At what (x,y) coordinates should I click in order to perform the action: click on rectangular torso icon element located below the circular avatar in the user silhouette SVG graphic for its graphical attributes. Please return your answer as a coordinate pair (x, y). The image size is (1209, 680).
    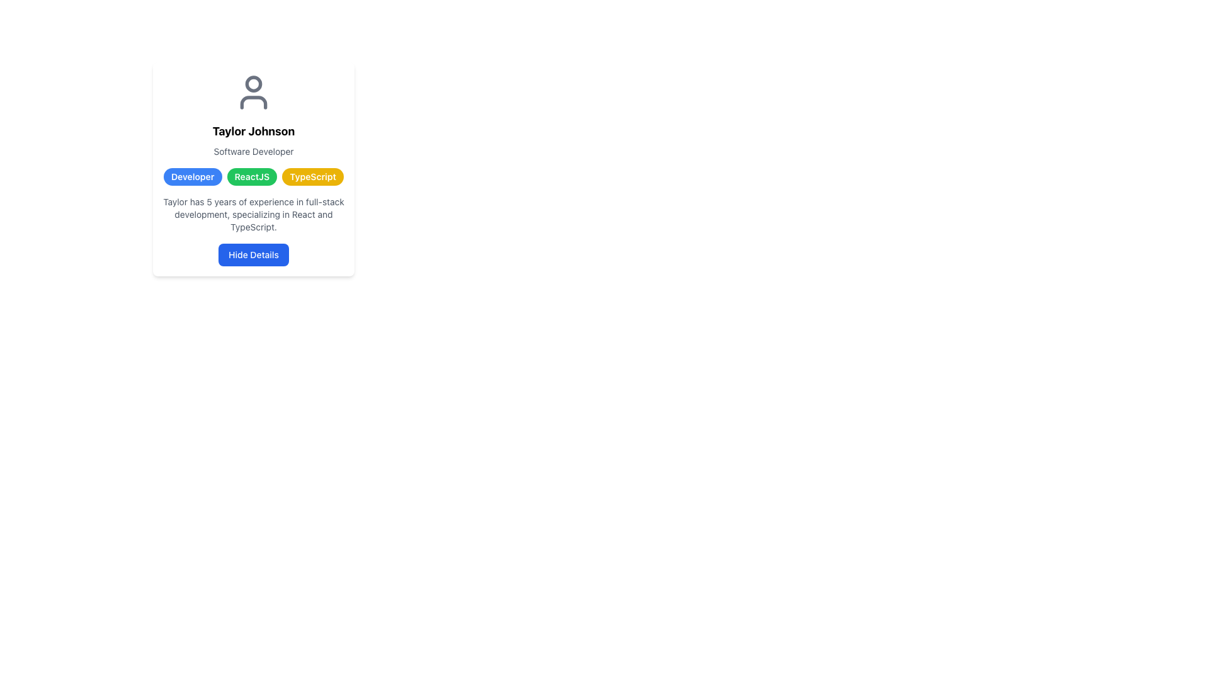
    Looking at the image, I should click on (253, 101).